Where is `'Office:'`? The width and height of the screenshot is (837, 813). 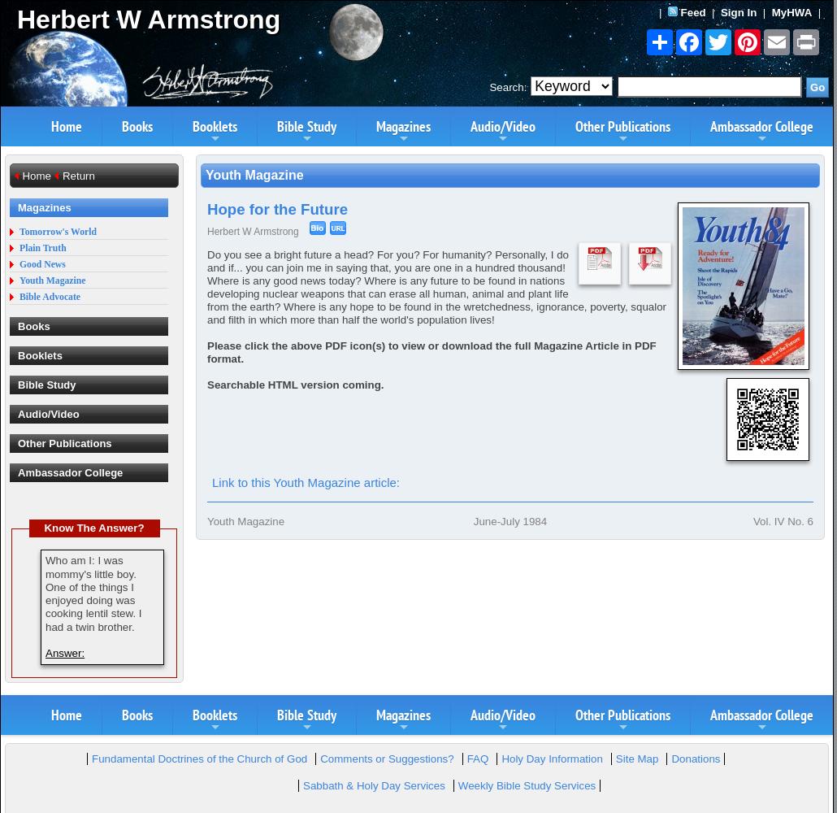
'Office:' is located at coordinates (382, 319).